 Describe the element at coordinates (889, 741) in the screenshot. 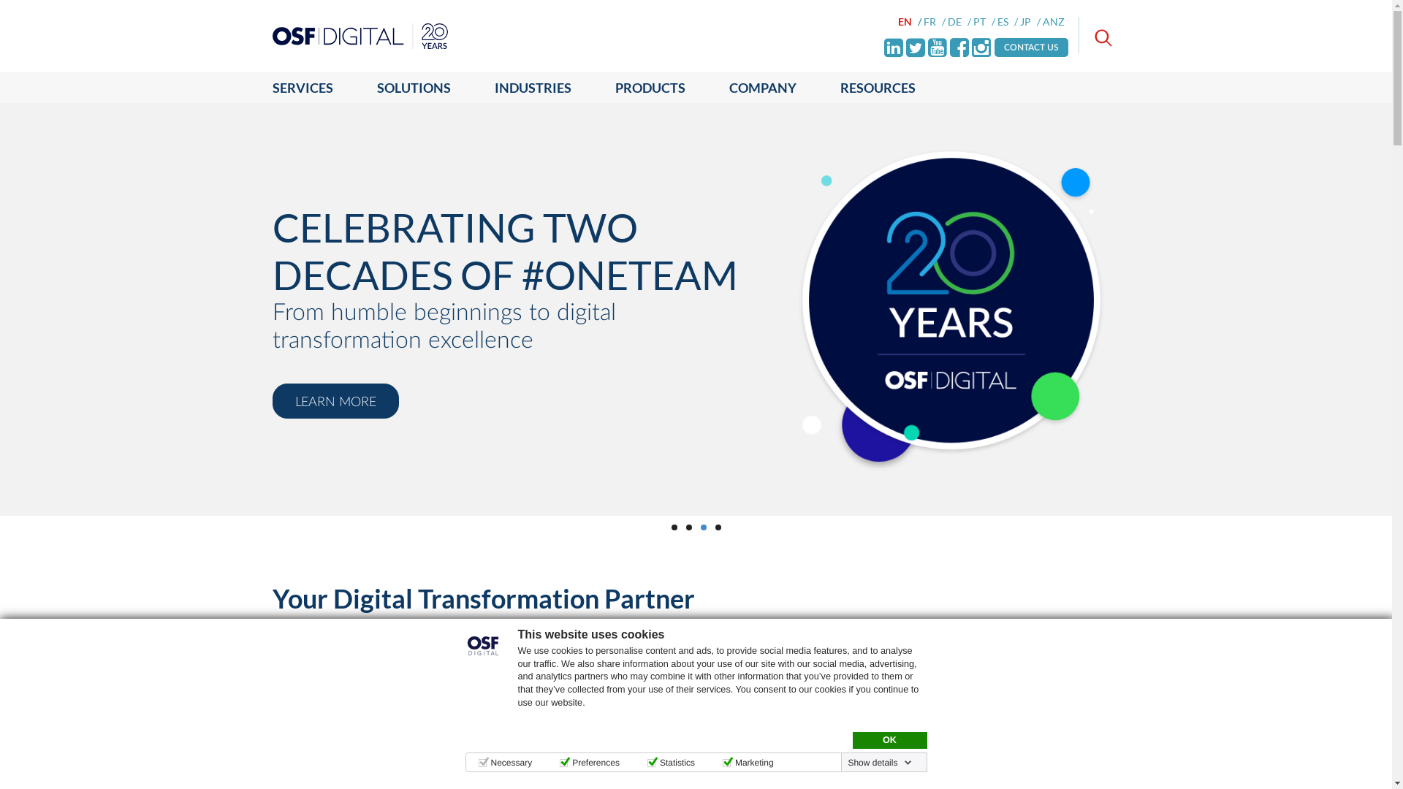

I see `'OK'` at that location.